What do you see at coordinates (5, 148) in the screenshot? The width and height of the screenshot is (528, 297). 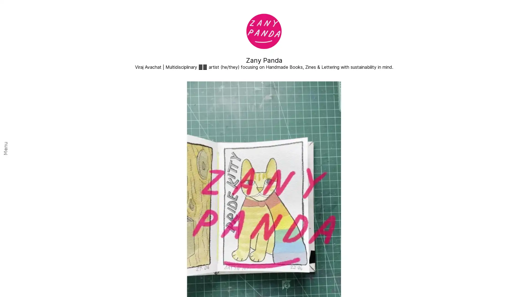 I see `Menu` at bounding box center [5, 148].